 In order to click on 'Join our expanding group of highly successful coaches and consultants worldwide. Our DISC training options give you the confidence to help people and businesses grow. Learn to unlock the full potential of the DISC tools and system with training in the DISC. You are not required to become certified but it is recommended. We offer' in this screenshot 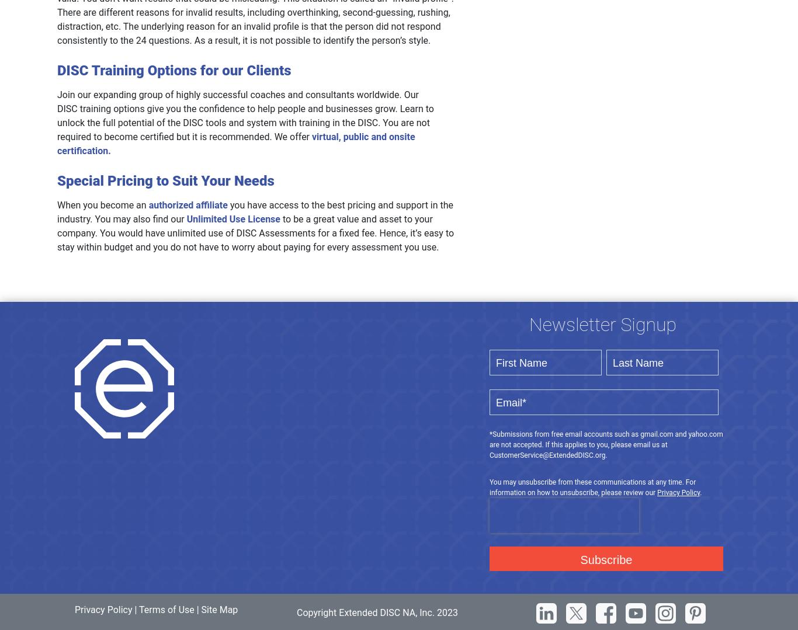, I will do `click(245, 116)`.